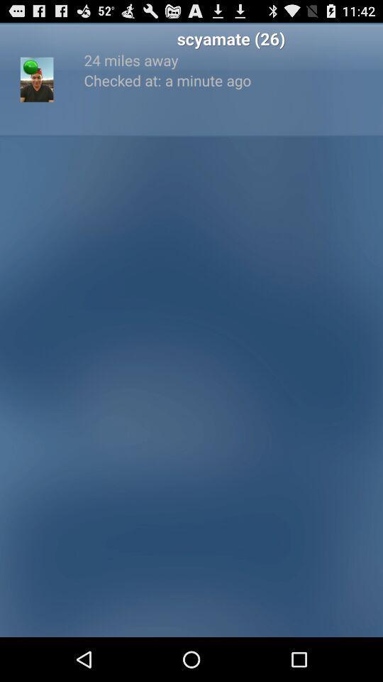  I want to click on the app above the 24 miles away app, so click(231, 38).